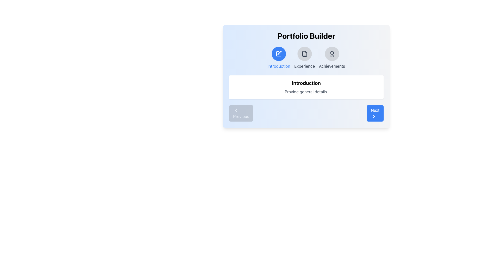 Image resolution: width=492 pixels, height=277 pixels. What do you see at coordinates (241, 113) in the screenshot?
I see `the 'Previous' button located at the bottom-left corner of the navigation control group` at bounding box center [241, 113].